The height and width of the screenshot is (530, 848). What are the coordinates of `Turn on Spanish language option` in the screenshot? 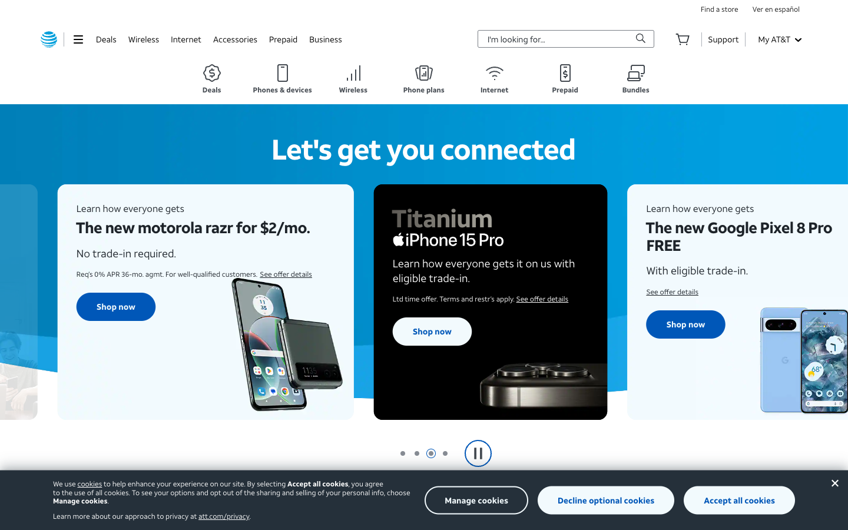 It's located at (776, 8).